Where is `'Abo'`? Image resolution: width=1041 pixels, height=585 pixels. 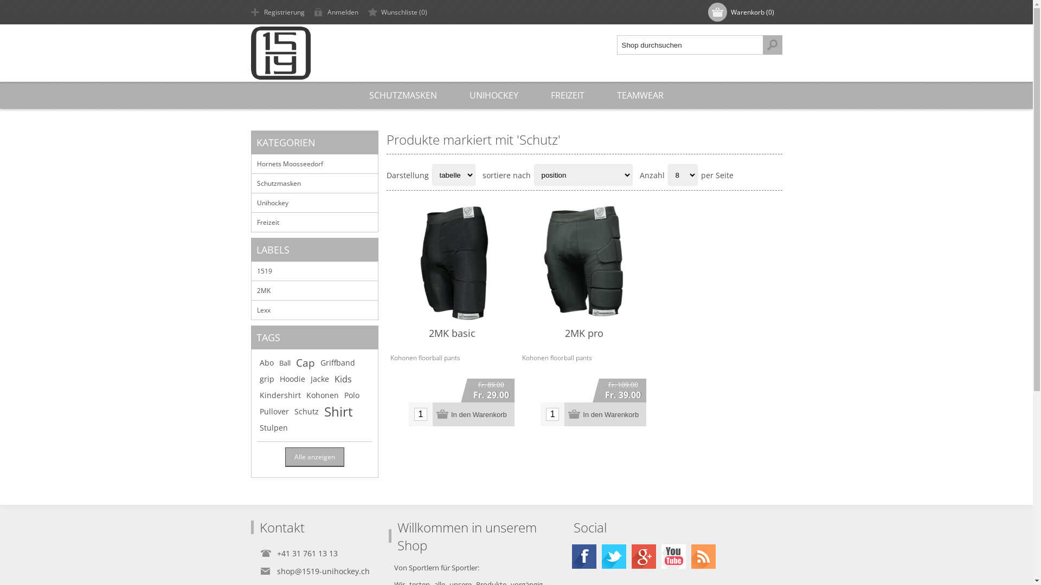 'Abo' is located at coordinates (266, 363).